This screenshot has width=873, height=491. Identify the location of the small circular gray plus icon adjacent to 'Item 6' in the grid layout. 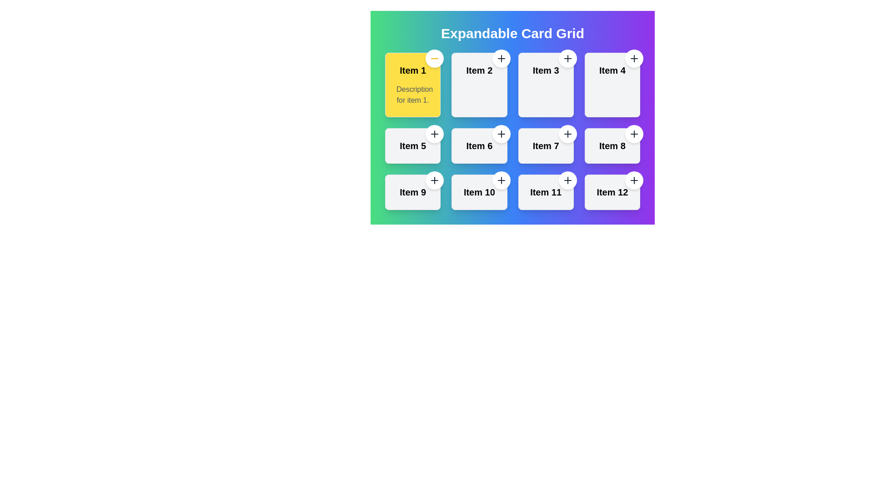
(501, 134).